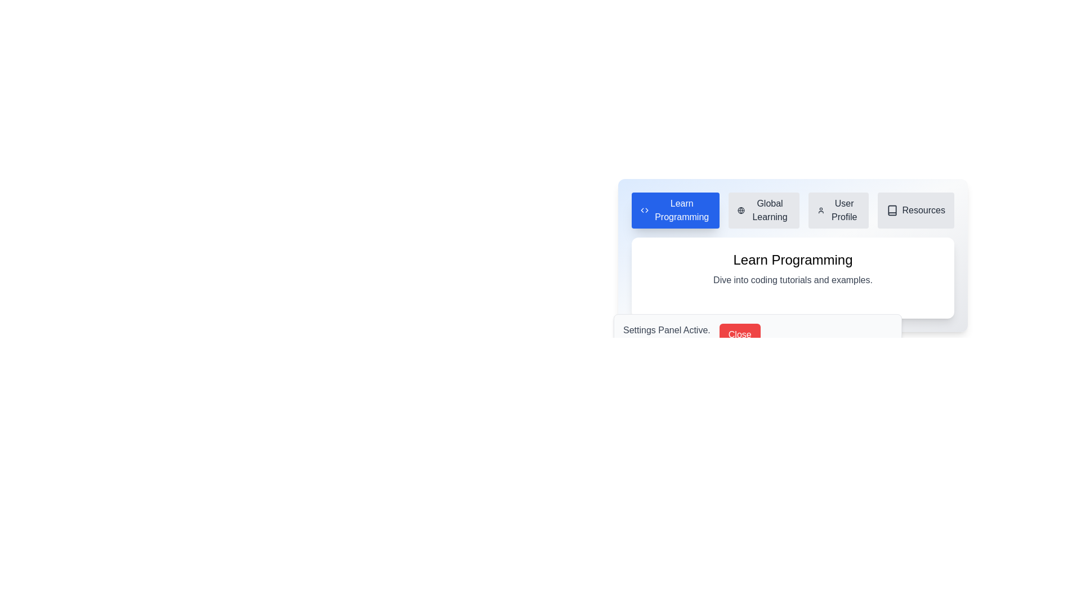 This screenshot has width=1081, height=608. What do you see at coordinates (764, 211) in the screenshot?
I see `the tab labeled Global Learning` at bounding box center [764, 211].